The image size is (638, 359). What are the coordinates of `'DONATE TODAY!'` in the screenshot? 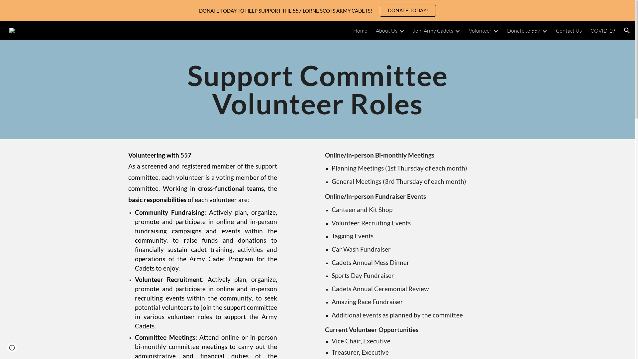 It's located at (407, 10).